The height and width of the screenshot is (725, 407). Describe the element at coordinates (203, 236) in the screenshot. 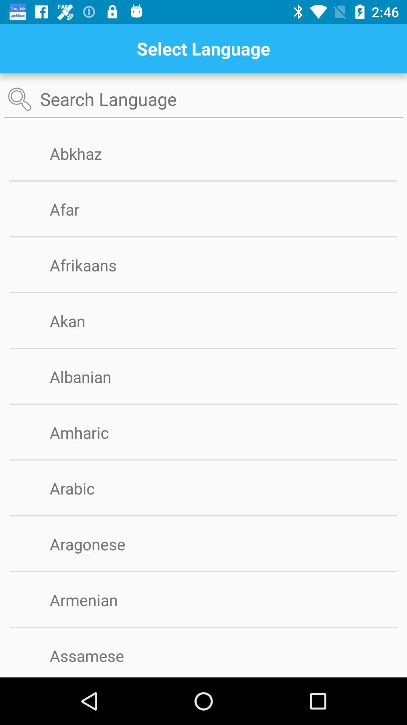

I see `app above afrikaans app` at that location.